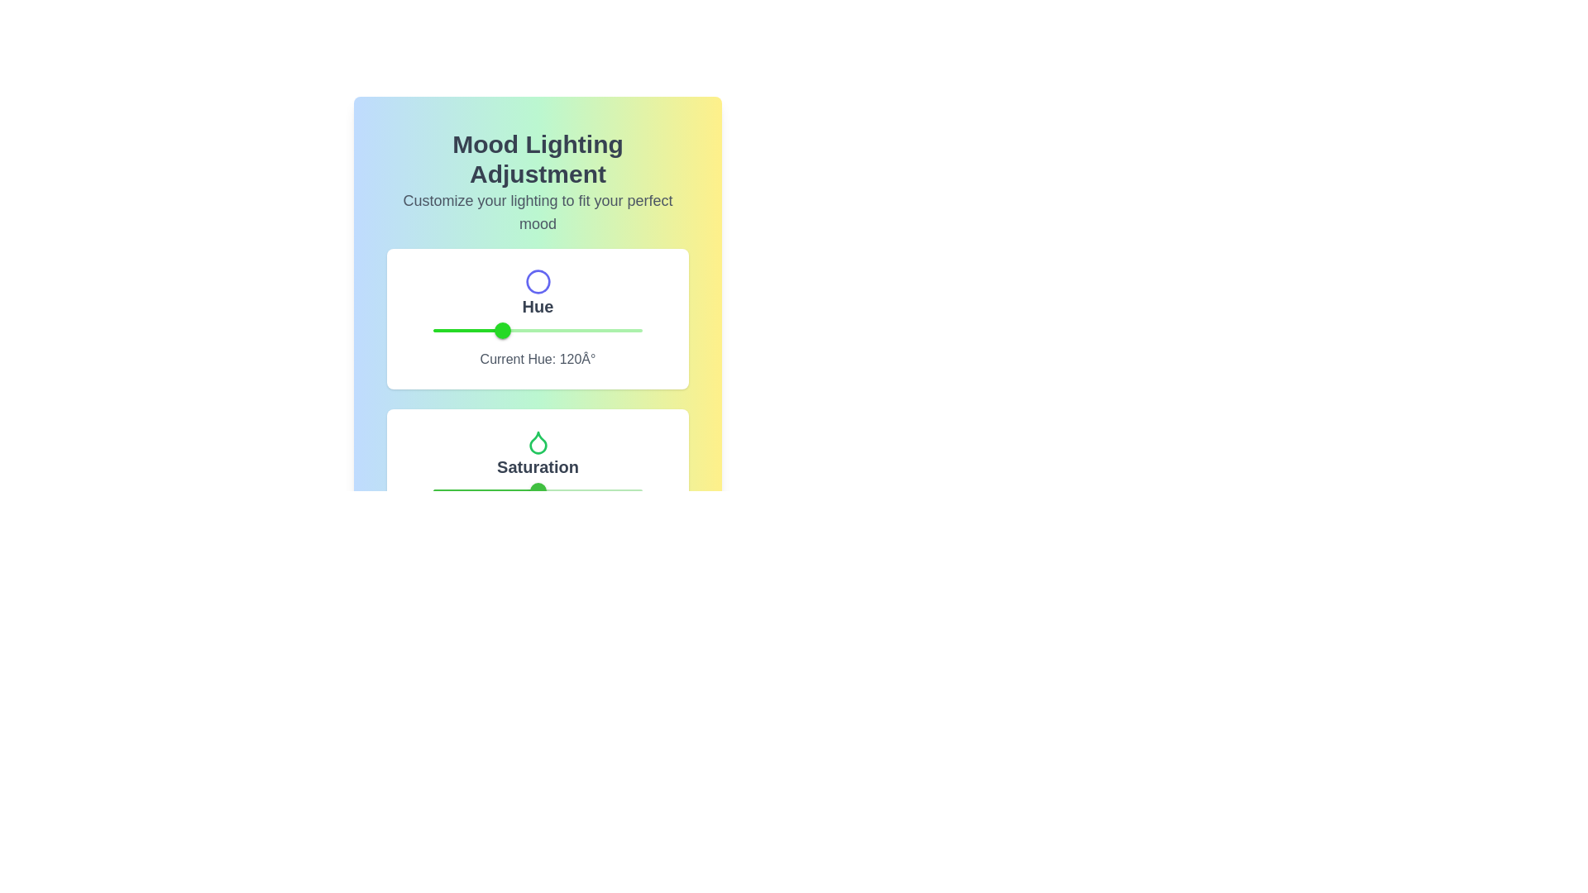 The width and height of the screenshot is (1588, 893). Describe the element at coordinates (538, 182) in the screenshot. I see `the Header titled 'Mood Lighting Adjustment' which is prominently displayed at the top of the card interface, above the sections labeled 'Hue', 'Saturation', and 'Brightness'` at that location.